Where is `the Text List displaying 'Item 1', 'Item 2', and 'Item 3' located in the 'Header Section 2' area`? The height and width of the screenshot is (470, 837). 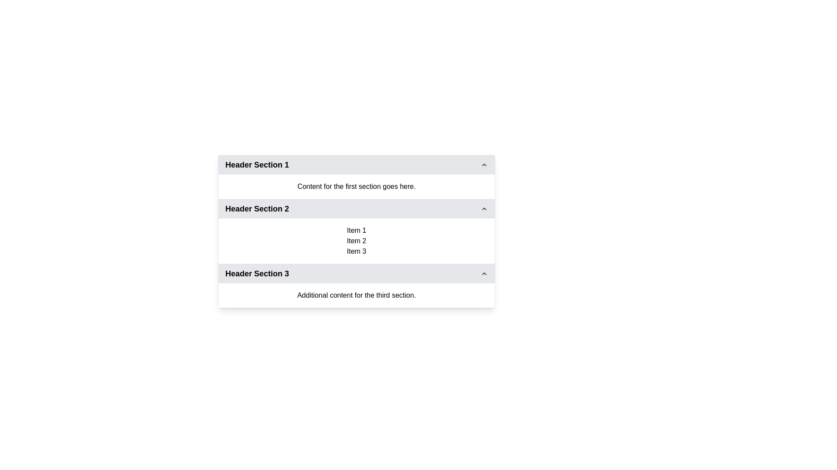 the Text List displaying 'Item 1', 'Item 2', and 'Item 3' located in the 'Header Section 2' area is located at coordinates (356, 241).